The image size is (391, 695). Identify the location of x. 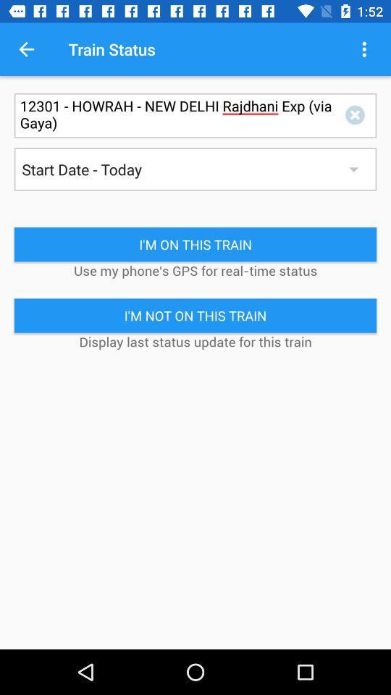
(357, 114).